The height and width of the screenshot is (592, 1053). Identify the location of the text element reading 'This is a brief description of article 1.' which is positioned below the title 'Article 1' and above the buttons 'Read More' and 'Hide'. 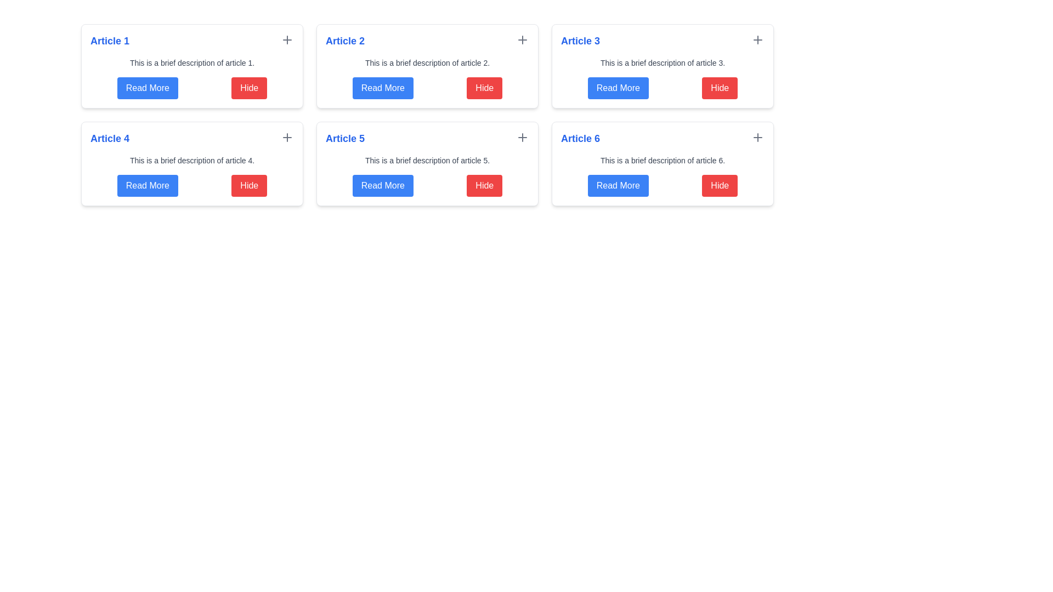
(192, 63).